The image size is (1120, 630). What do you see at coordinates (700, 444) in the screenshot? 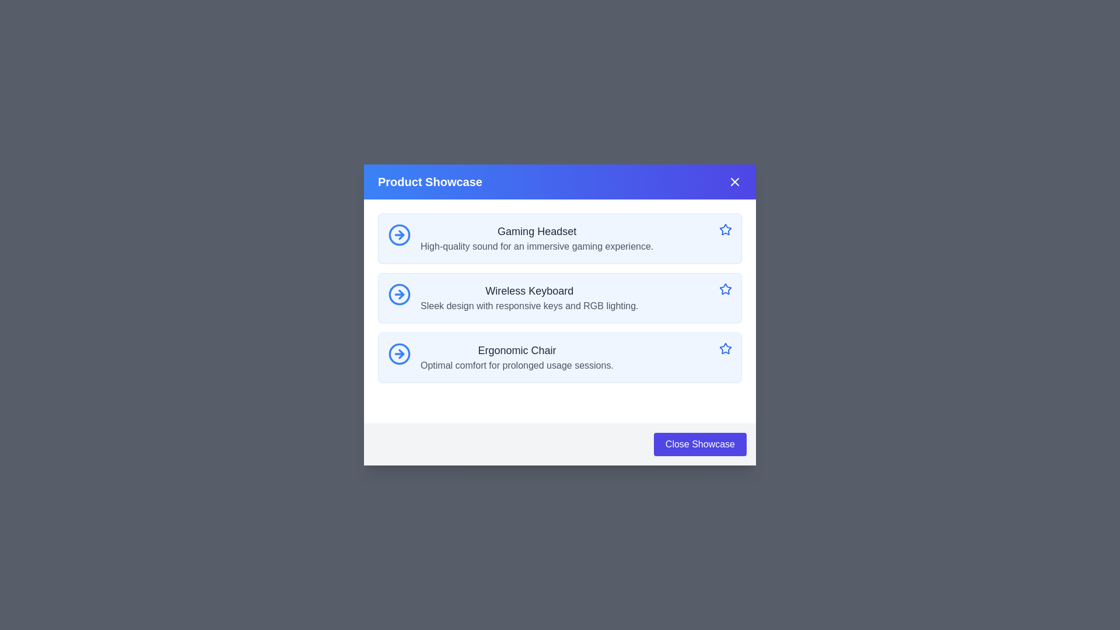
I see `the close button located at the bottom-right corner of the modal popup` at bounding box center [700, 444].